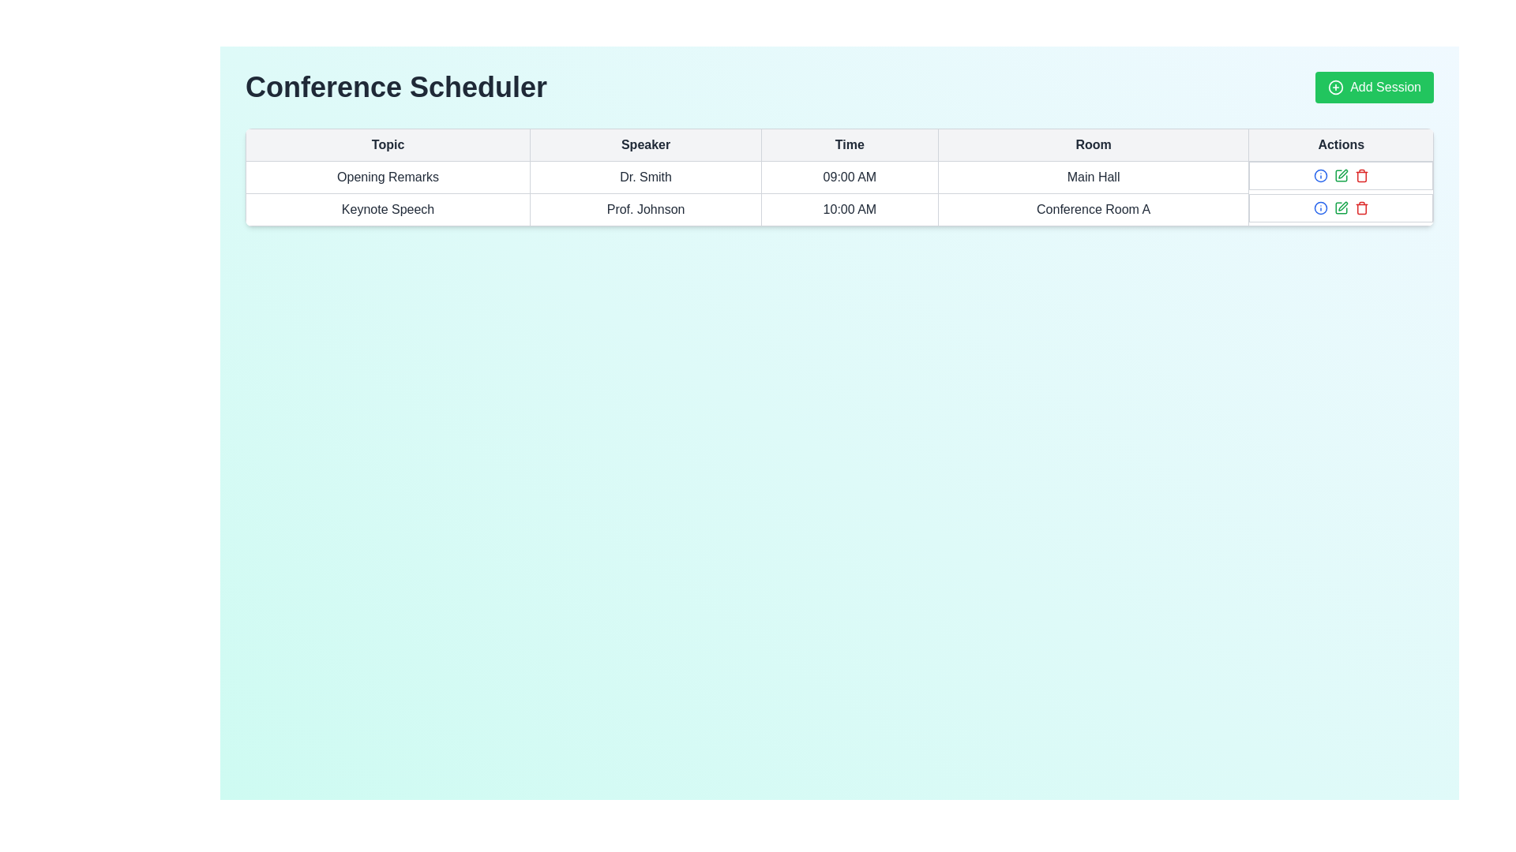 The height and width of the screenshot is (852, 1516). Describe the element at coordinates (849, 177) in the screenshot. I see `displayed time '09:00 AM' from the text display cell located in the third column of the first row of the table labeled 'Opening Remarks'` at that location.